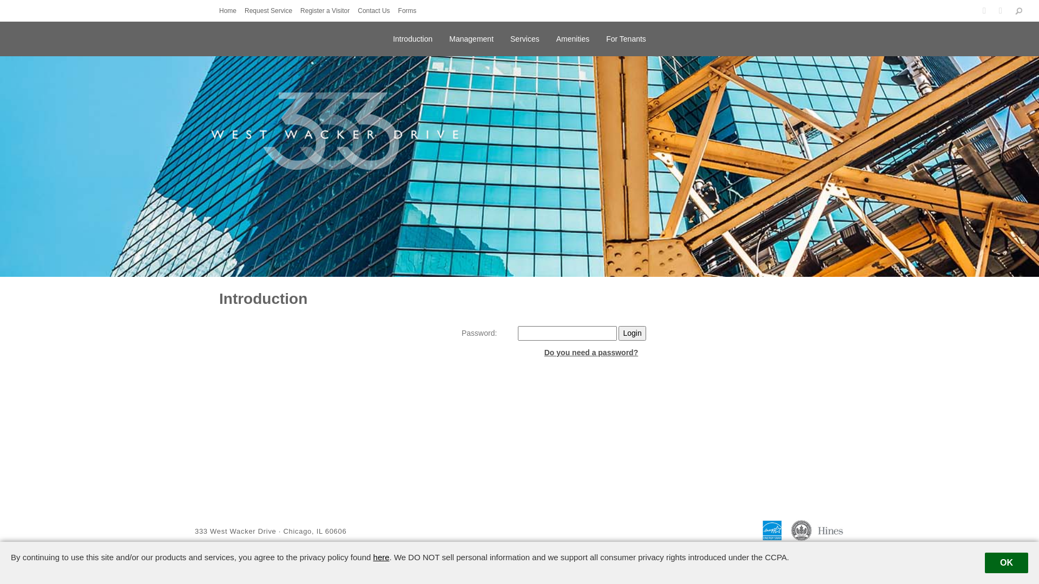  What do you see at coordinates (382, 557) in the screenshot?
I see `'here'` at bounding box center [382, 557].